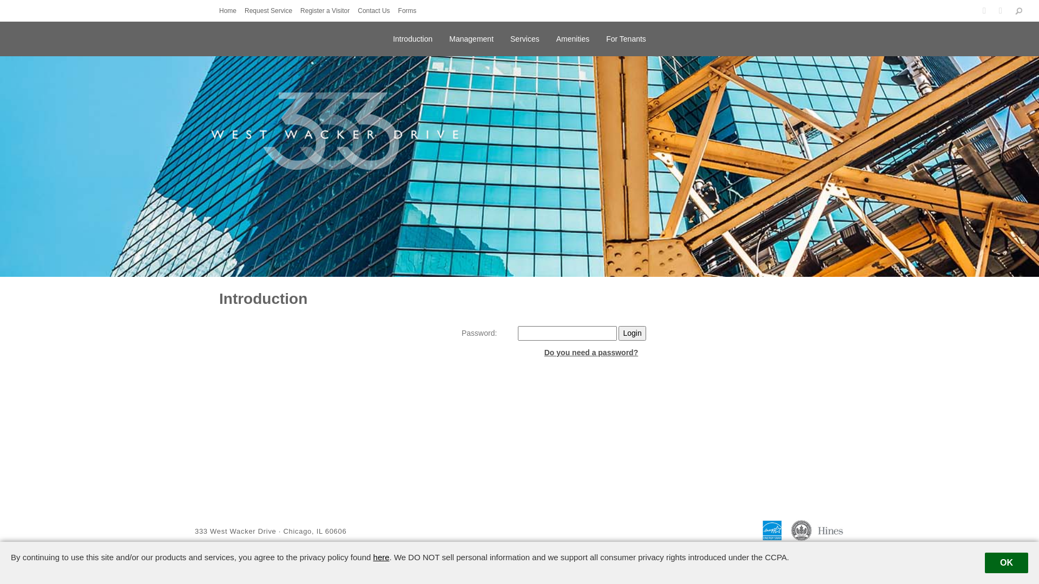  What do you see at coordinates (382, 557) in the screenshot?
I see `'here'` at bounding box center [382, 557].